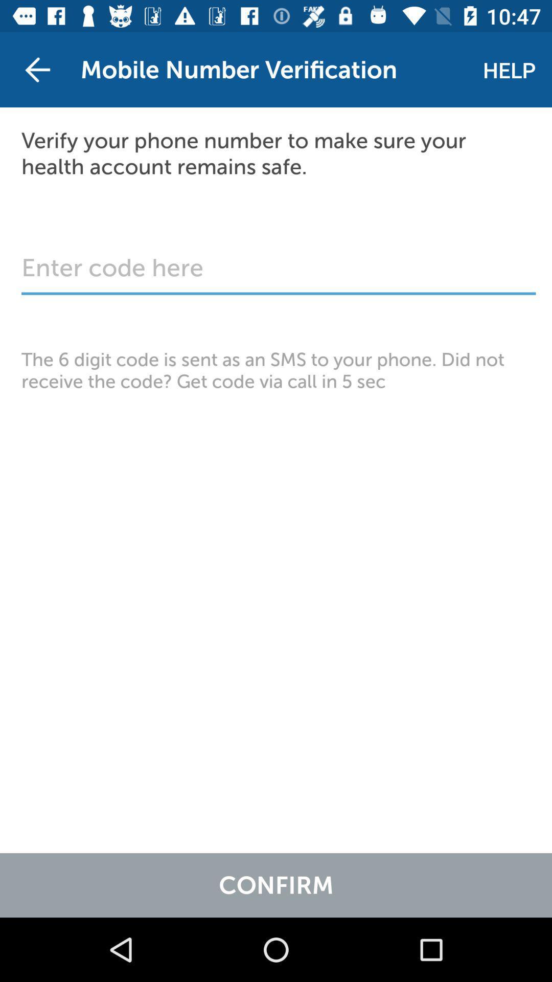 Image resolution: width=552 pixels, height=982 pixels. I want to click on icon below the the 6 digit icon, so click(276, 885).